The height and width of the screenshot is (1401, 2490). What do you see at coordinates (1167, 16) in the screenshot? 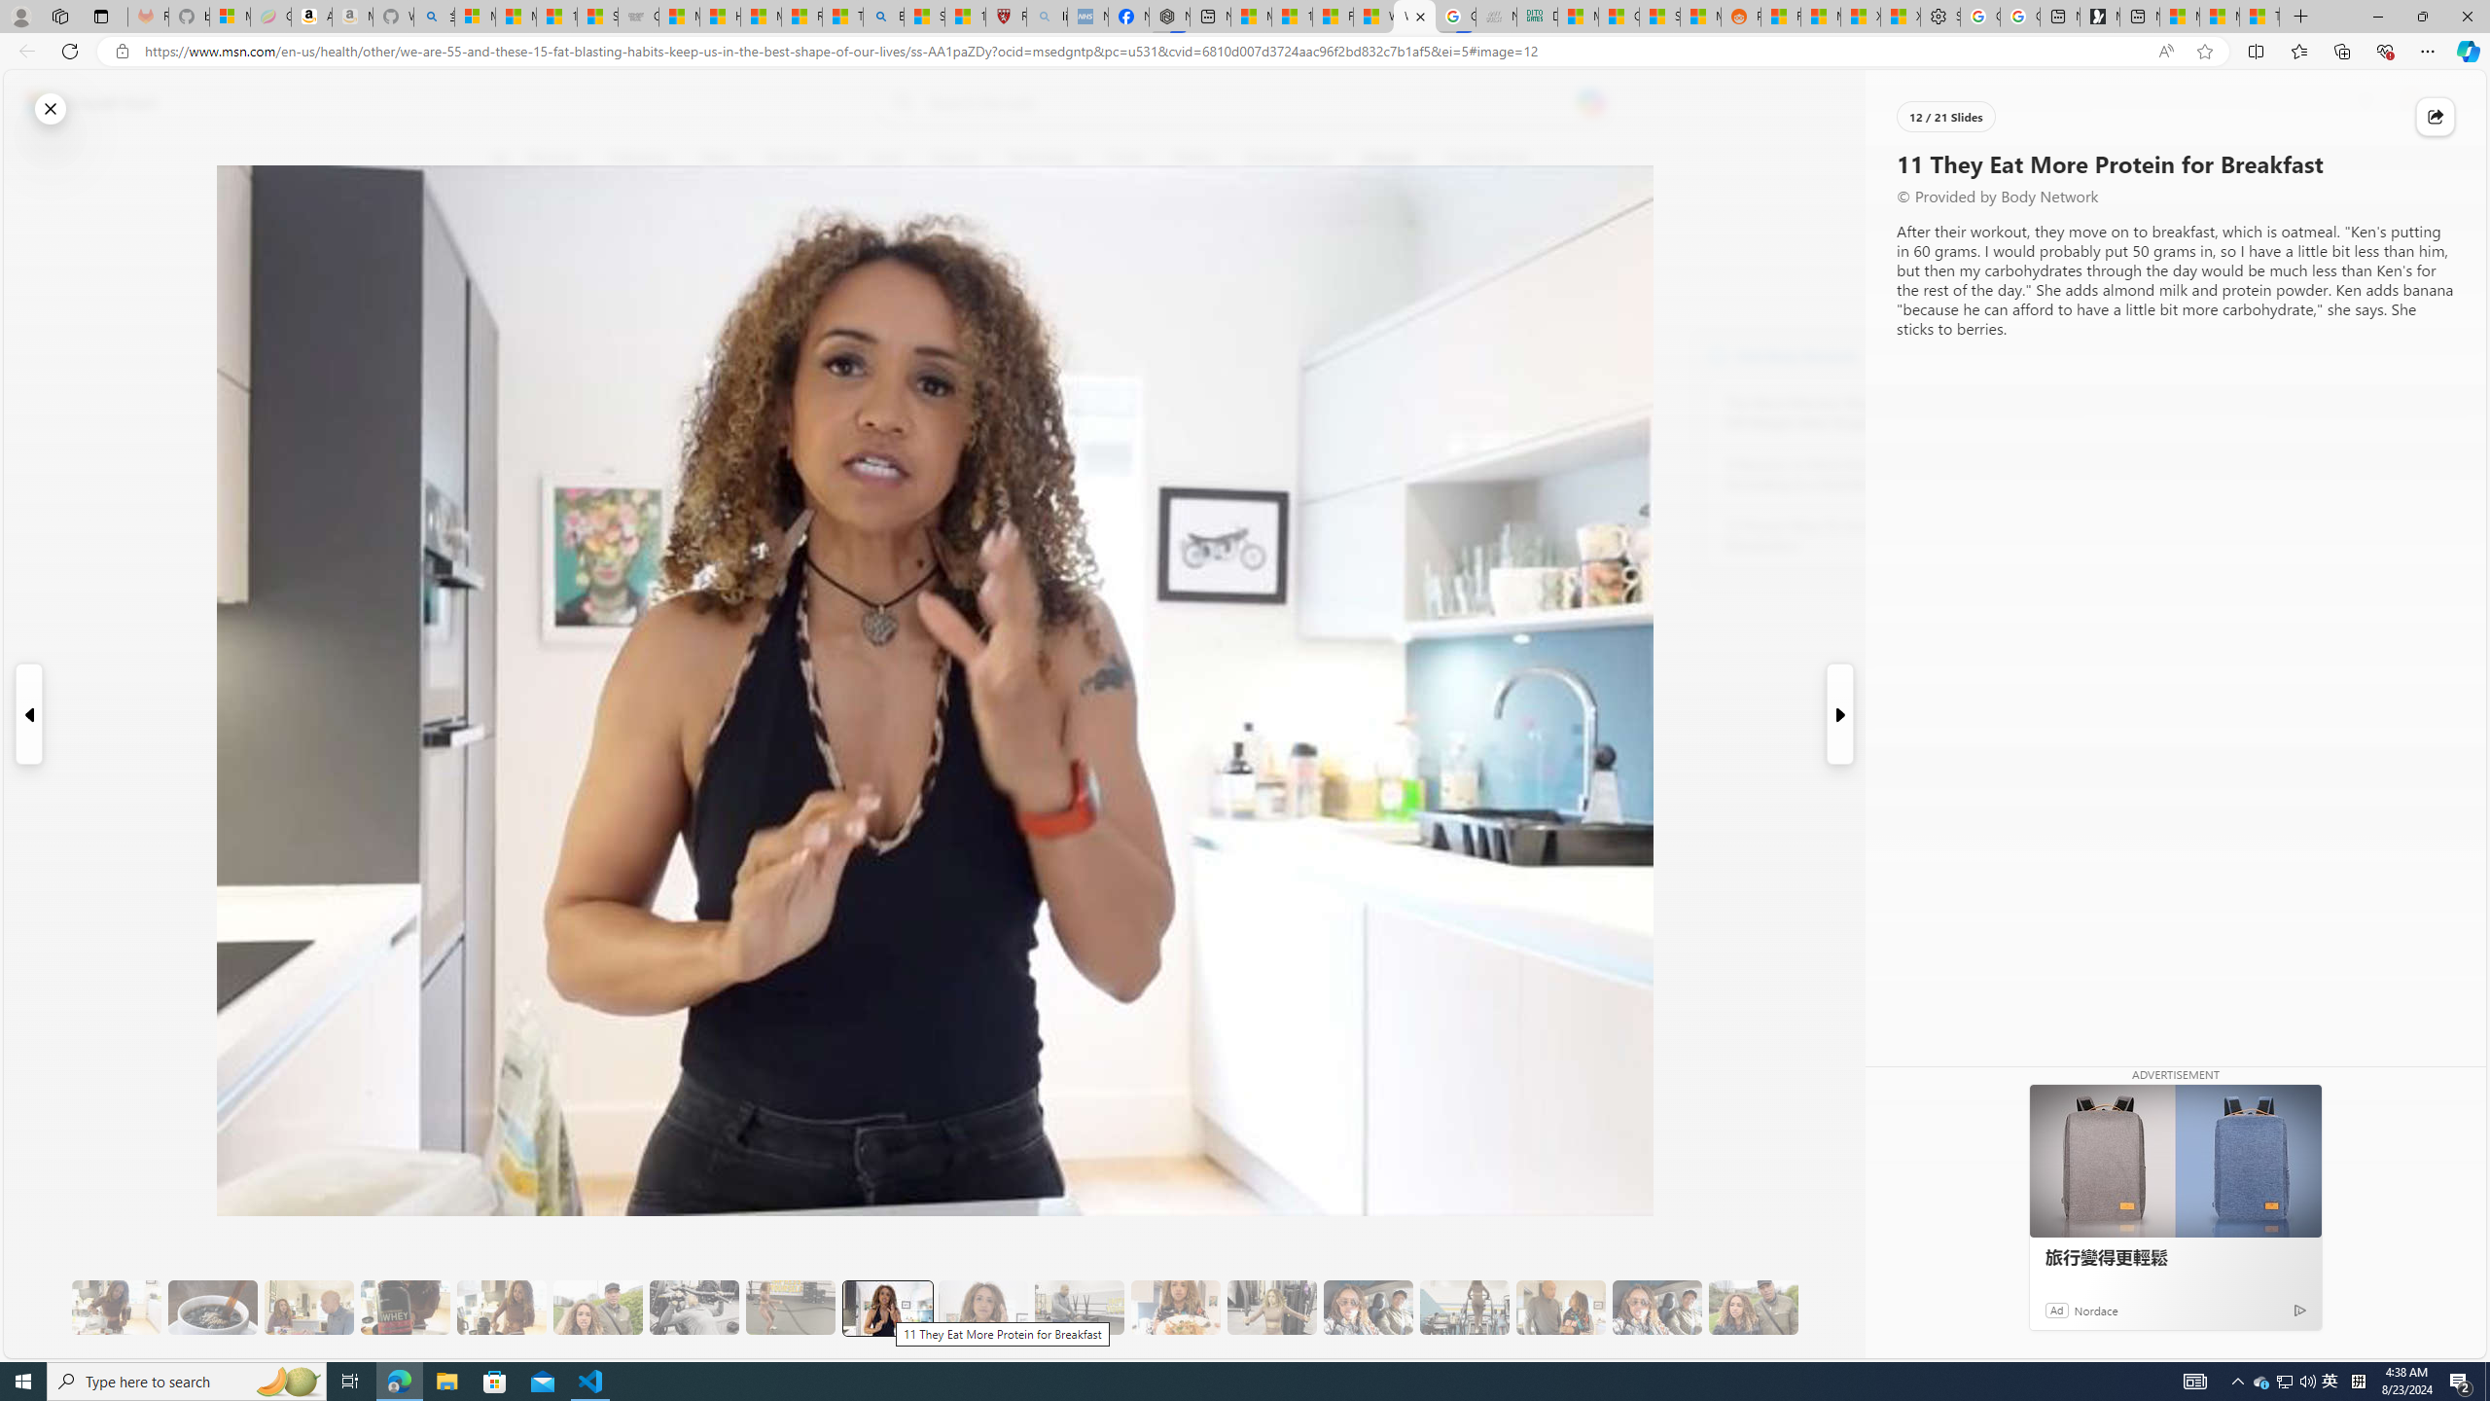
I see `'Nordace - Nordace Siena Is Not An Ordinary Backpack'` at bounding box center [1167, 16].